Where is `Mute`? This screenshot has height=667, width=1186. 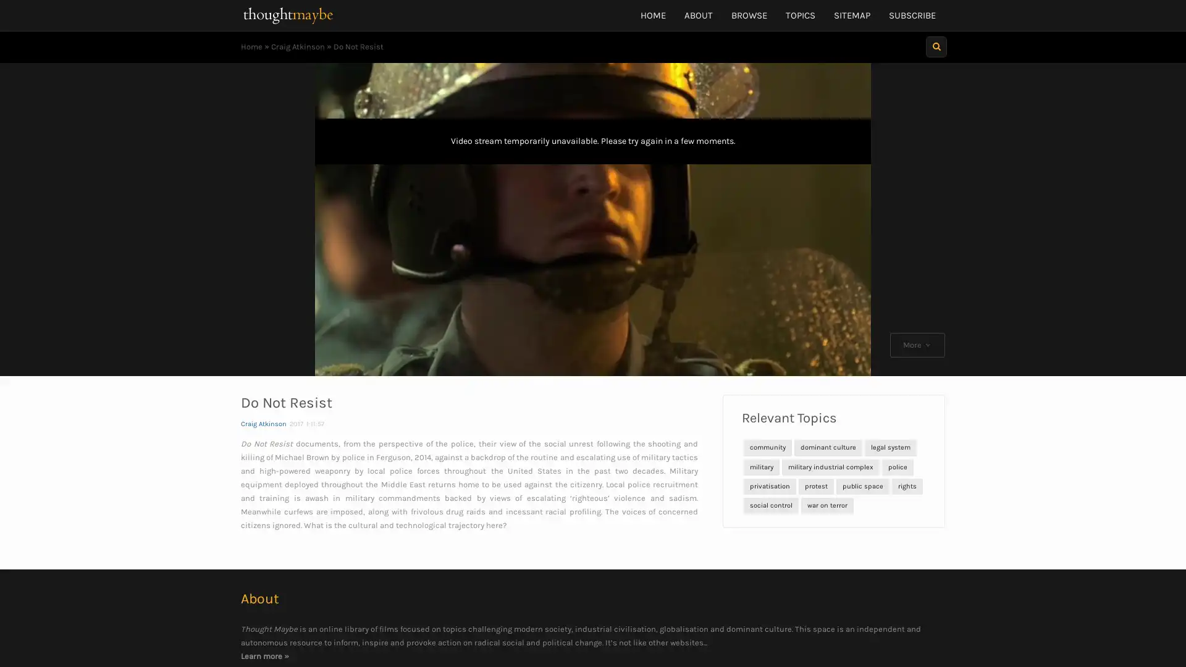 Mute is located at coordinates (835, 363).